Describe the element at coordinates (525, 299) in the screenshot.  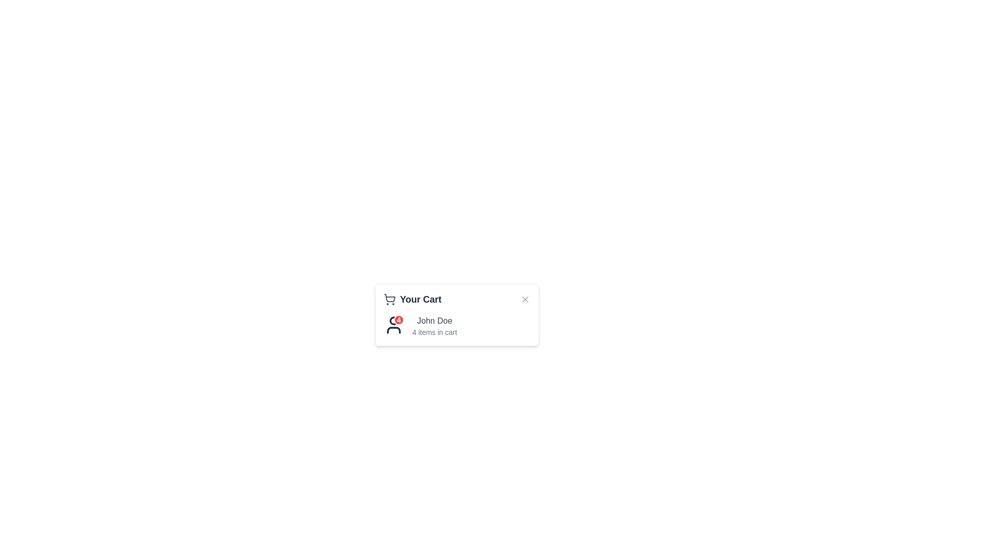
I see `the close button located at the far right of the 'Your Cart' section` at that location.